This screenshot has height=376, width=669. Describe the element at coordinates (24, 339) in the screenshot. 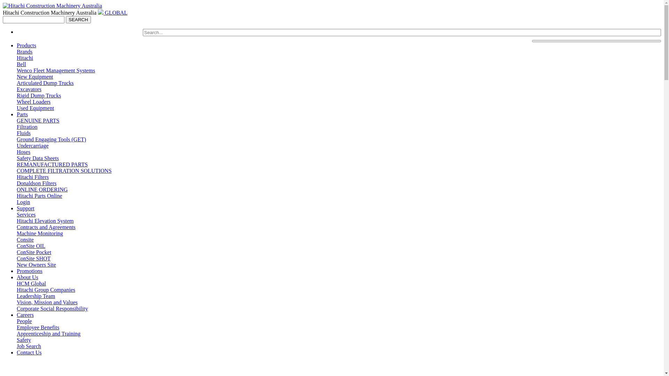

I see `'Safety'` at that location.